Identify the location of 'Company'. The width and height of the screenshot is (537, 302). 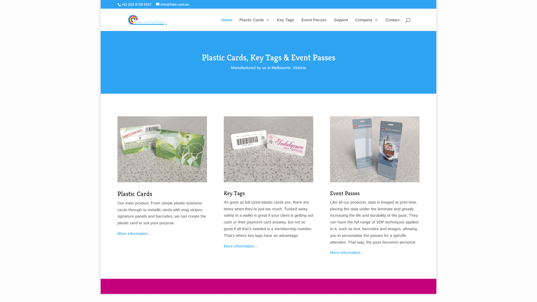
(355, 24).